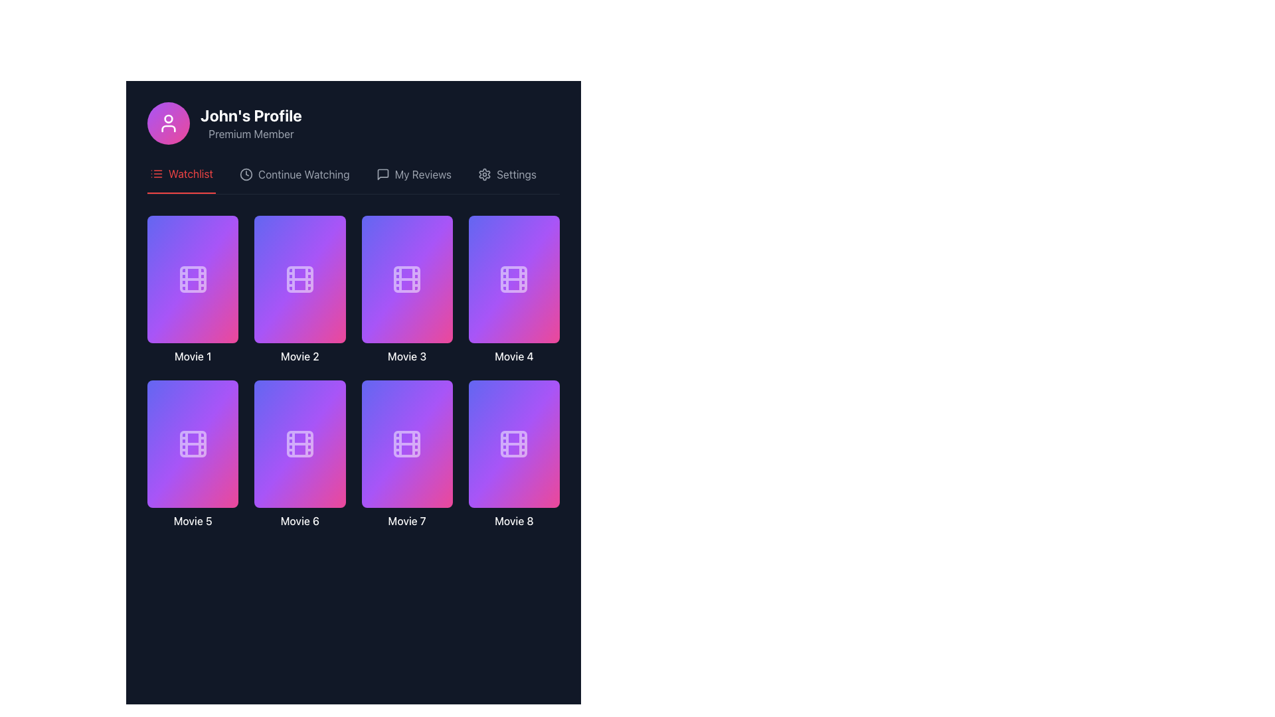  Describe the element at coordinates (407, 438) in the screenshot. I see `the triangle icon located within the 'Movie 7' tile` at that location.